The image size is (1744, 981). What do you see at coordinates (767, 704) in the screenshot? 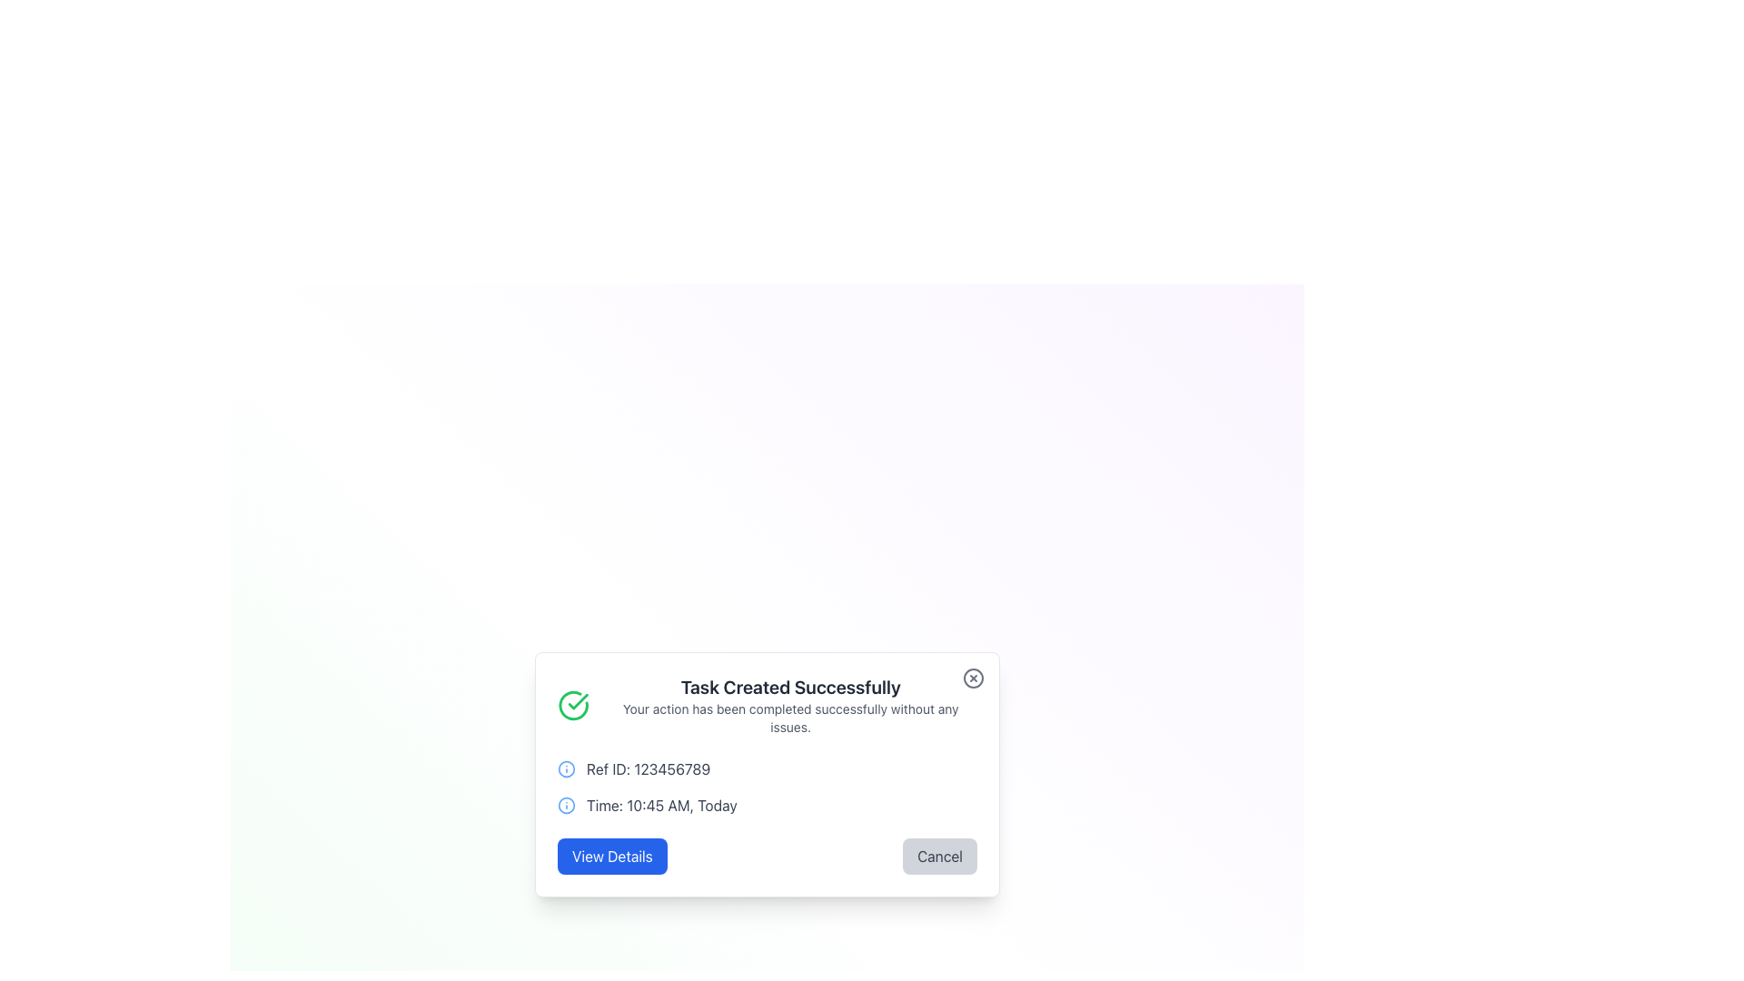
I see `notification box displaying 'Task Created Successfully' with a green checkmark icon for confirmation` at bounding box center [767, 704].